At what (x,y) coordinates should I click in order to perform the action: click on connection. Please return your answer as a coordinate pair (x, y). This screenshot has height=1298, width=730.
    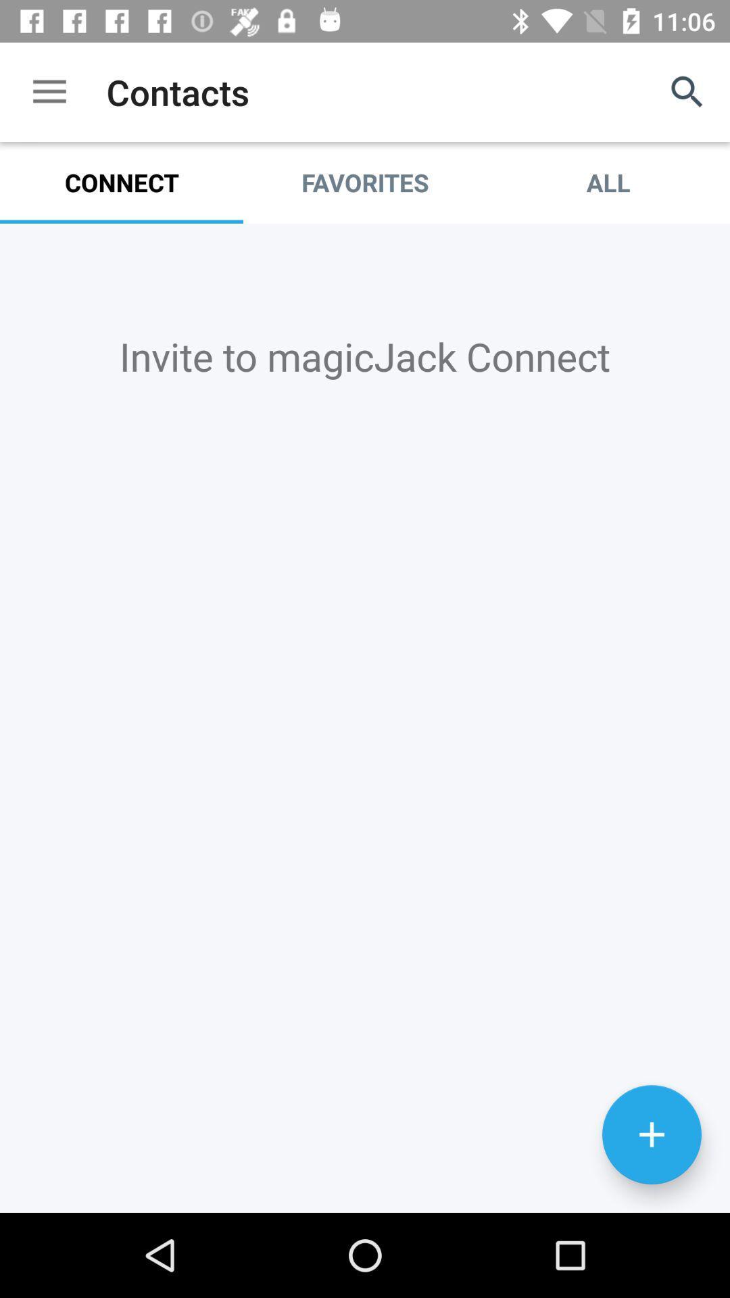
    Looking at the image, I should click on (365, 717).